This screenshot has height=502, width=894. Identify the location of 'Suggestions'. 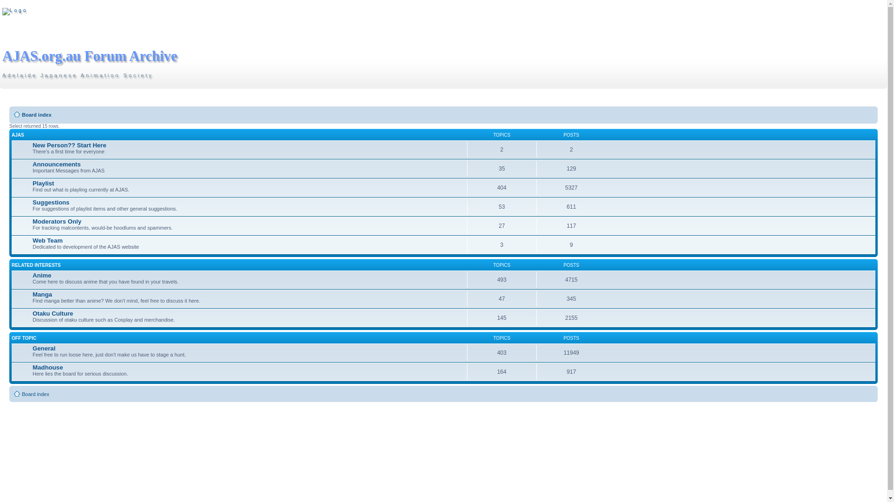
(33, 202).